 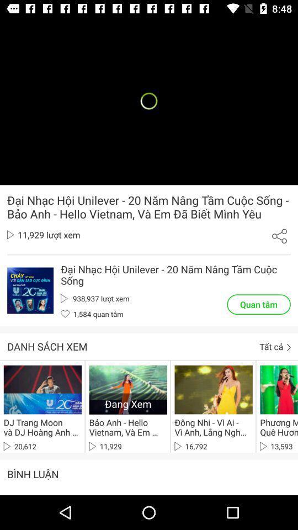 I want to click on first video at the bottom from left side, so click(x=42, y=389).